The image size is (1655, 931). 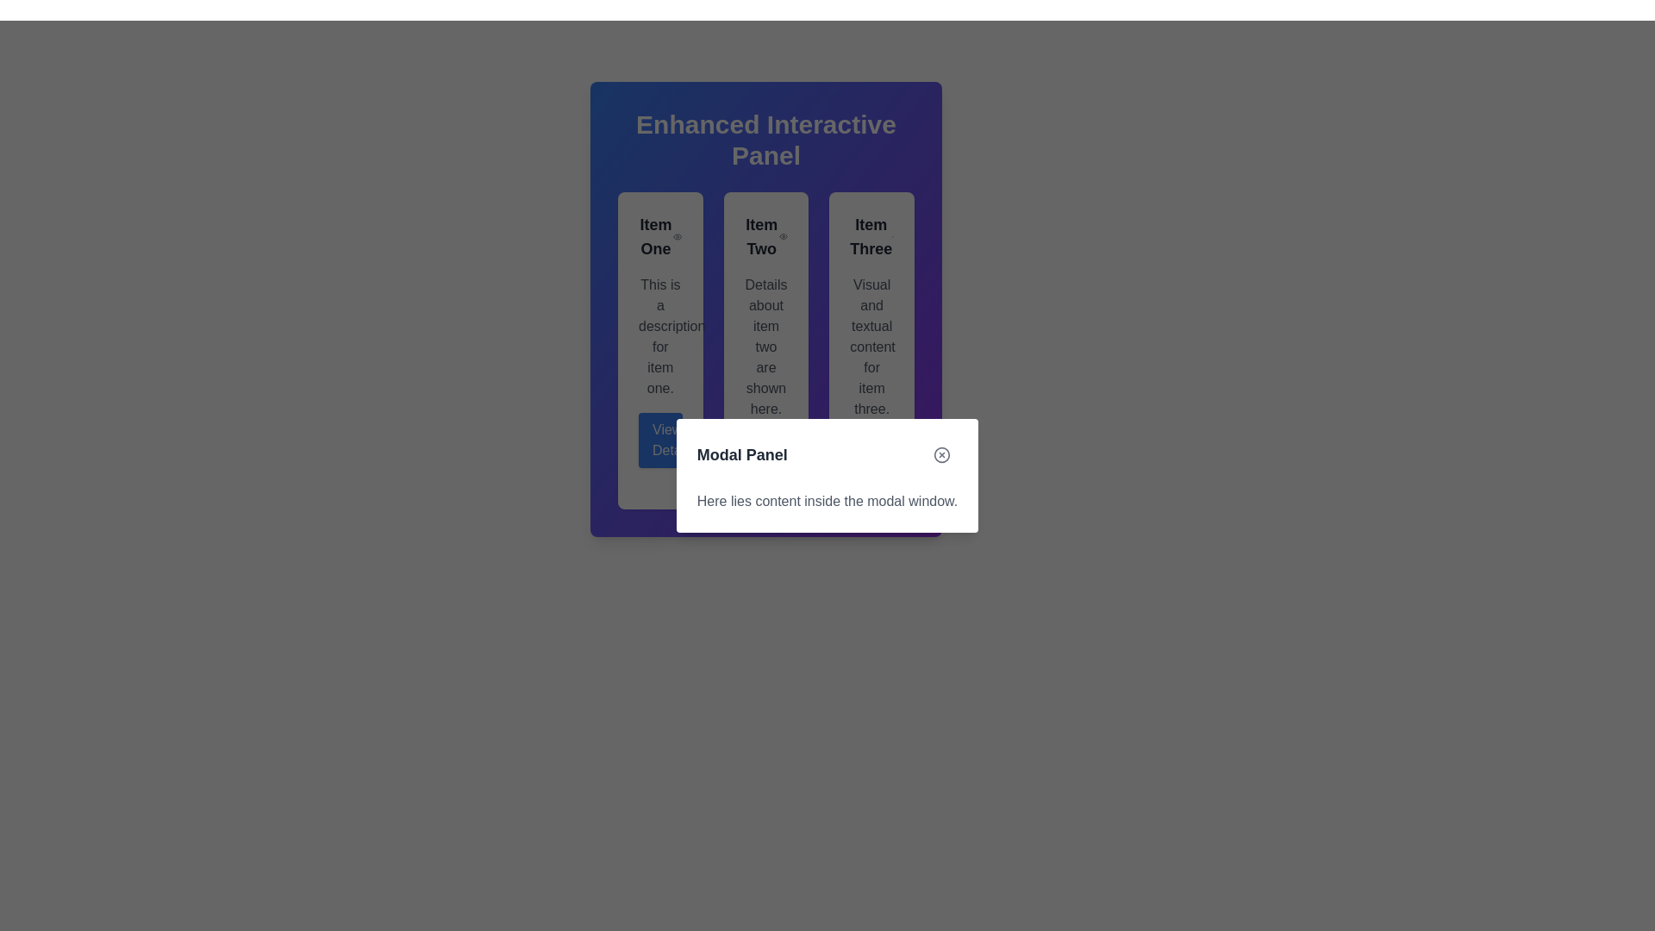 What do you see at coordinates (871, 236) in the screenshot?
I see `heading text located at the top of the third card in a row of three cards, which serves as a title or identifier for the card's content` at bounding box center [871, 236].